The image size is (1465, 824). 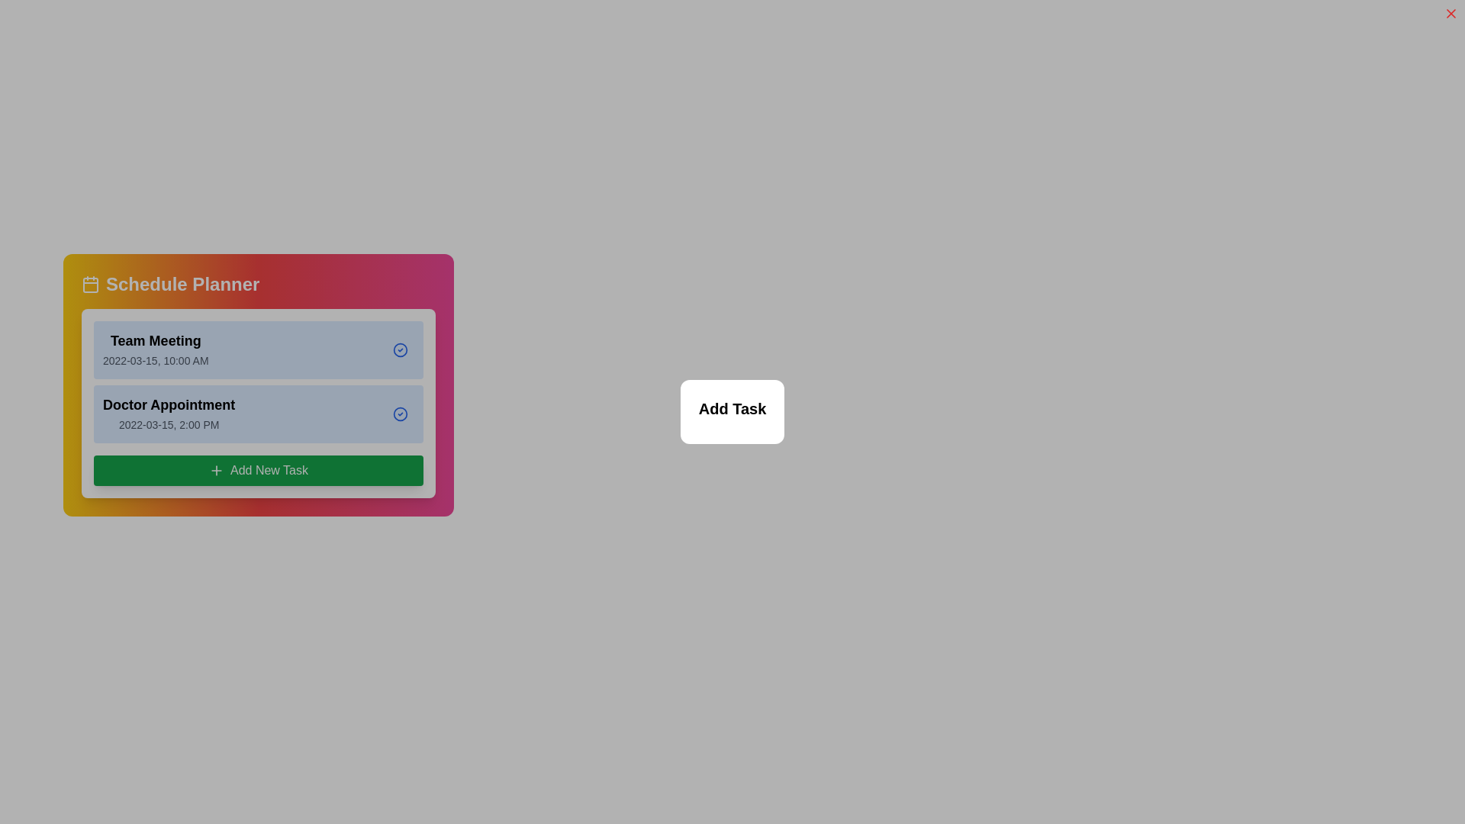 What do you see at coordinates (169, 404) in the screenshot?
I see `the 'Doctor Appointment' text label, which is bold and larger than typical body text, located in the second task section of the 'Schedule Planner' interface, directly above the task time and date` at bounding box center [169, 404].